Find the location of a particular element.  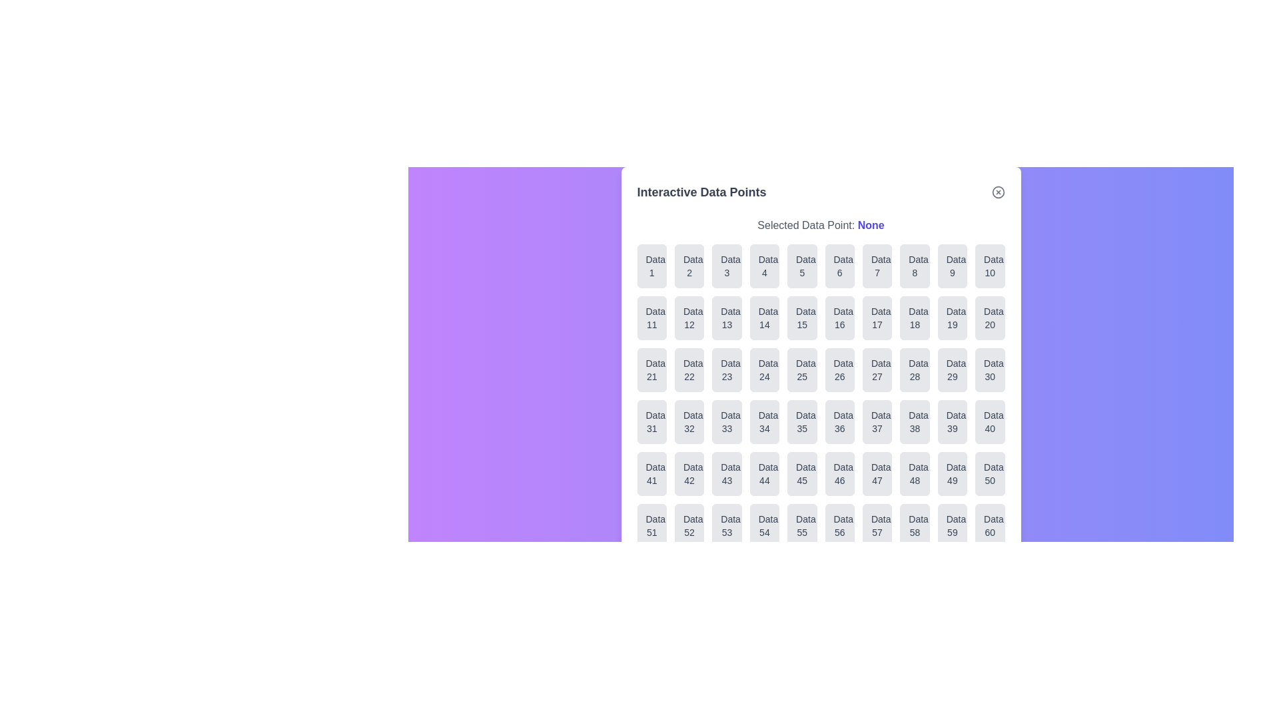

the close button to close the modal is located at coordinates (998, 192).